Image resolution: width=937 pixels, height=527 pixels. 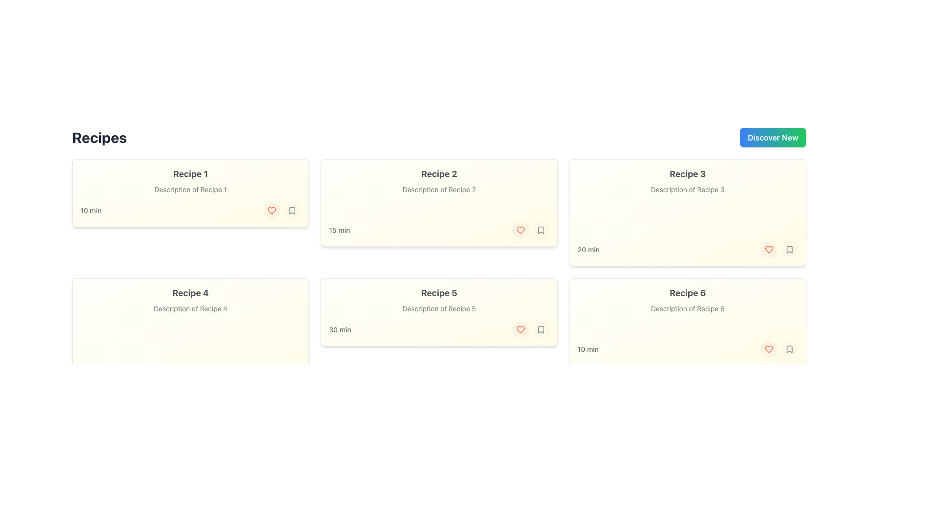 What do you see at coordinates (438, 174) in the screenshot?
I see `the bold text element displaying 'Recipe 2' located at the top center of the second recipe card` at bounding box center [438, 174].